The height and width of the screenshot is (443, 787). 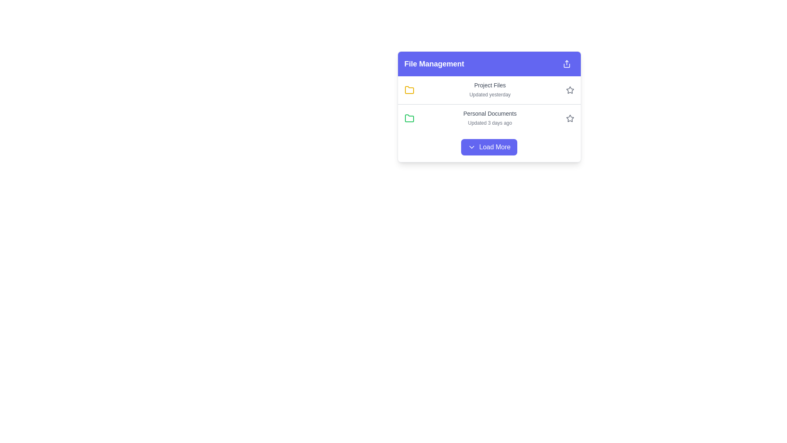 What do you see at coordinates (490, 90) in the screenshot?
I see `the text block that displays the name and last update information of a specific file or folder, which is located adjacent to a yellow folder icon on its left and a star icon on its right, representing the first file entry` at bounding box center [490, 90].